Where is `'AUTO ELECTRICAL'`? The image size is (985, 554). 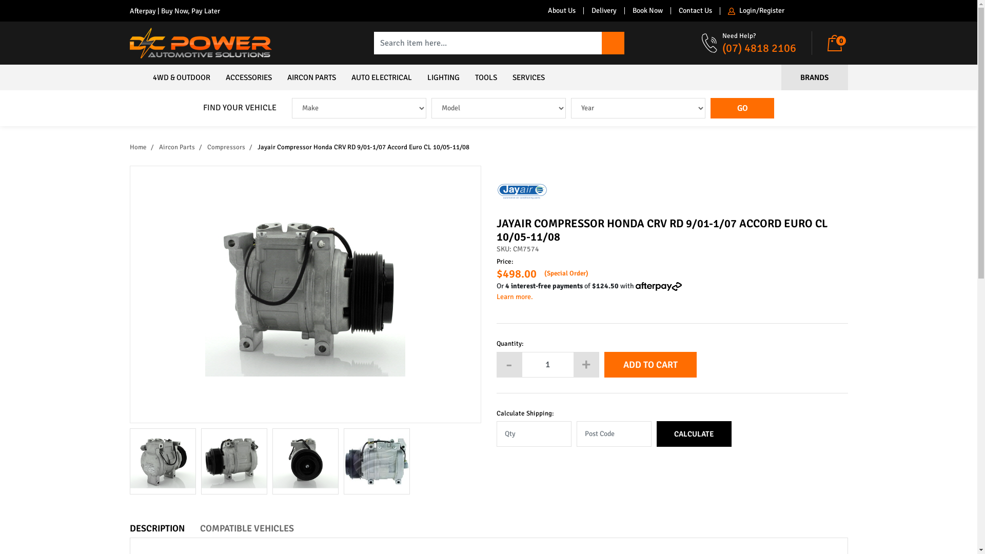 'AUTO ELECTRICAL' is located at coordinates (381, 76).